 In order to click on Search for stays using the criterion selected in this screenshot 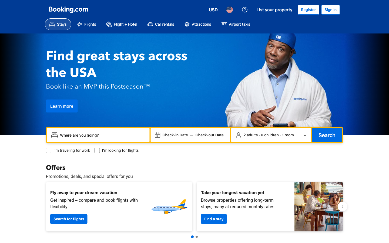, I will do `click(327, 135)`.